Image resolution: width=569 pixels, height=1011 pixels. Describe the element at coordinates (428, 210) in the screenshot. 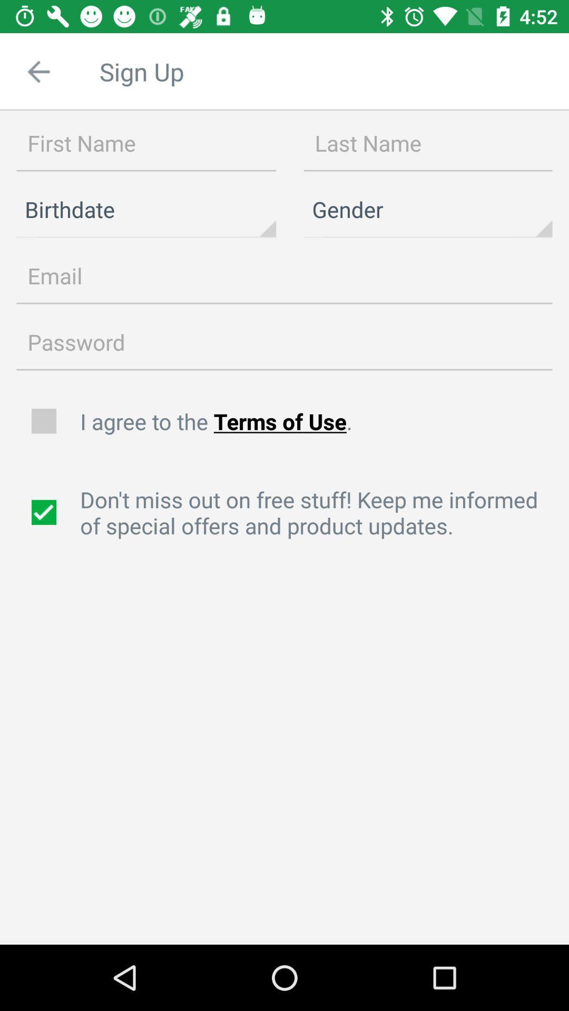

I see `gender item` at that location.